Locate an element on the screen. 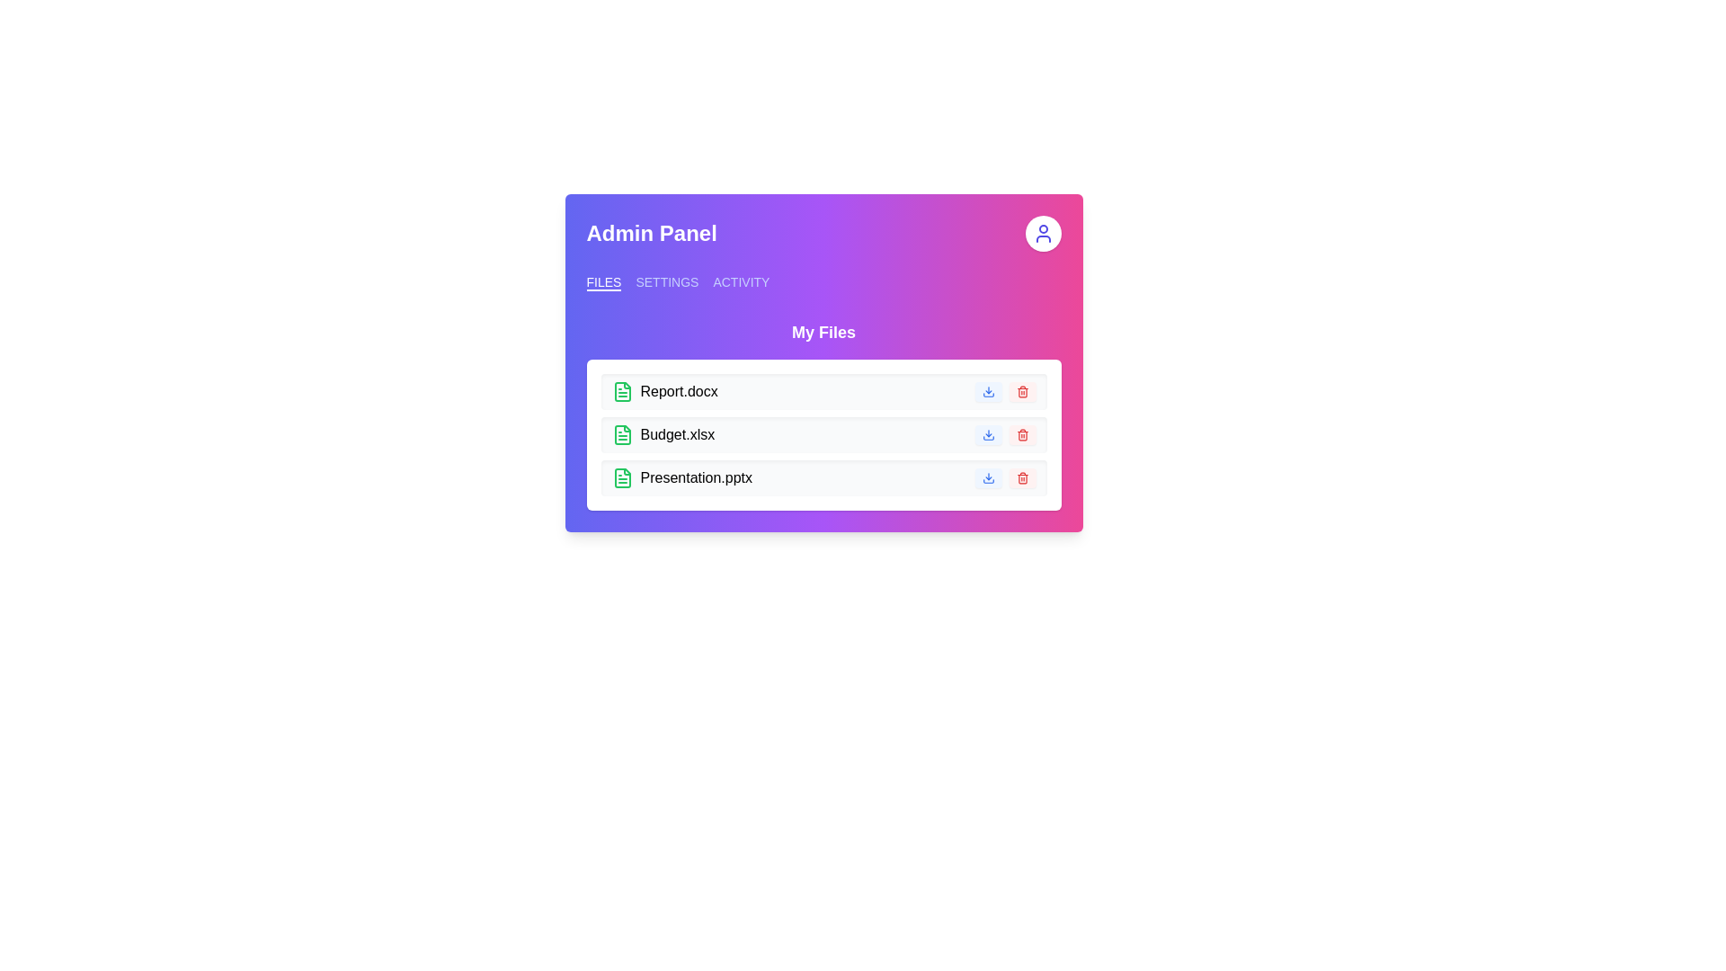 The width and height of the screenshot is (1726, 971). the third file preview item in the 'My Files' section is located at coordinates (823, 477).